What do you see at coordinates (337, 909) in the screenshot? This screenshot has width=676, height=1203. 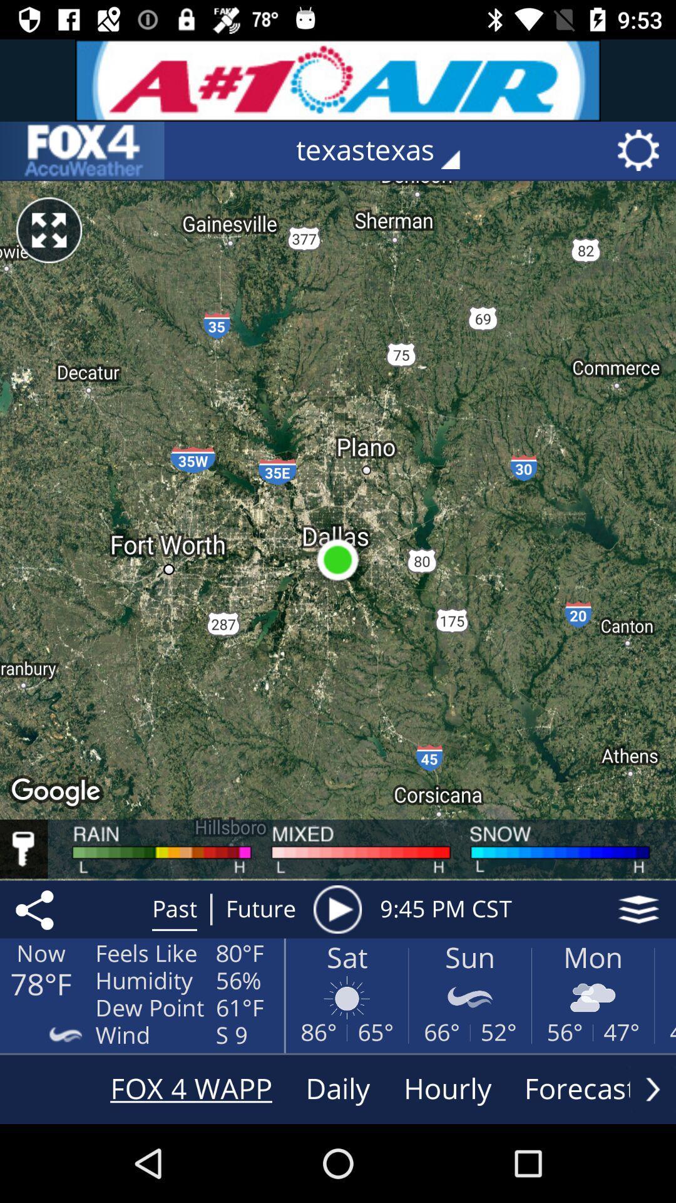 I see `item to the right of the future item` at bounding box center [337, 909].